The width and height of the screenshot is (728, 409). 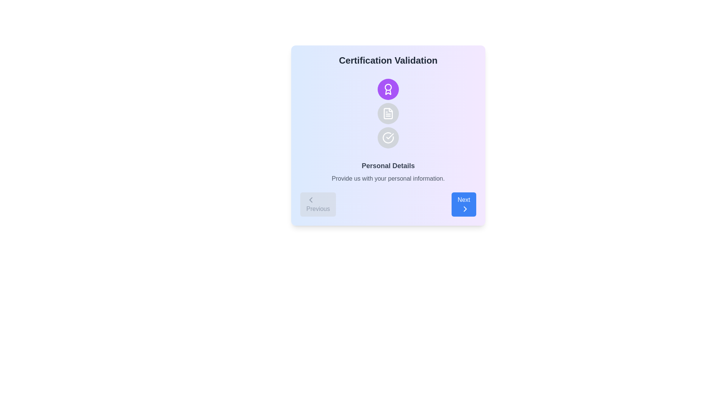 I want to click on the ribbon section of the award icon located in the 'Certification Validation' modal, so click(x=388, y=92).